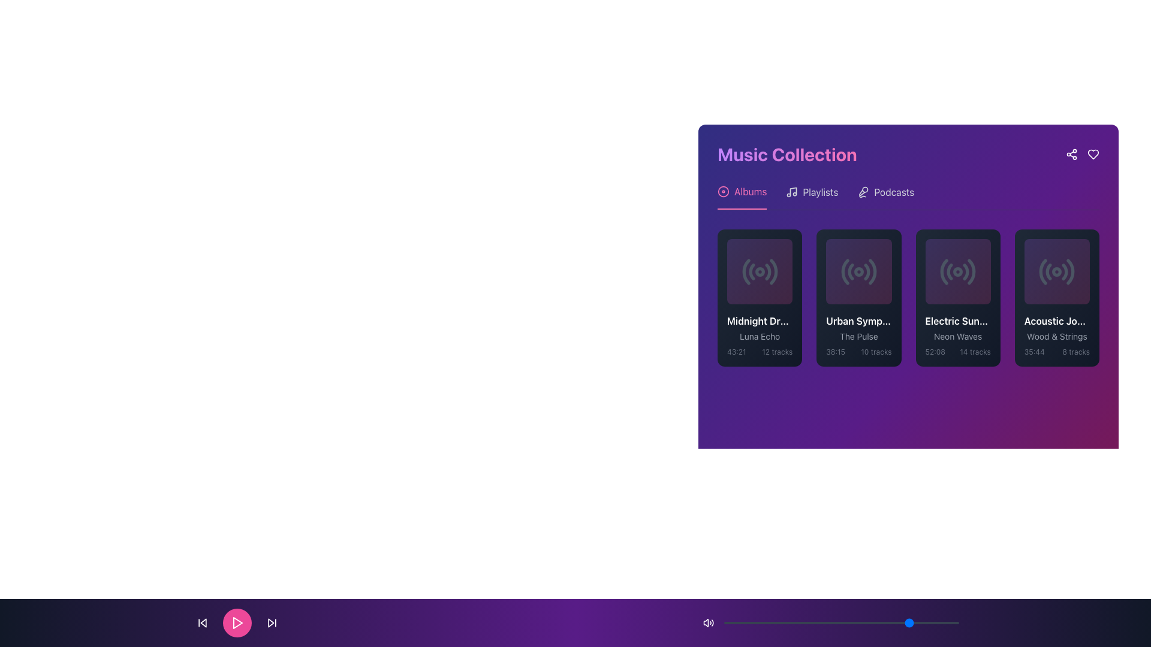 The height and width of the screenshot is (647, 1151). I want to click on the square visual card labeled 'Acoustic Journey' in the 'Music Collection' section, which is the fourth card from the left, so click(1057, 271).